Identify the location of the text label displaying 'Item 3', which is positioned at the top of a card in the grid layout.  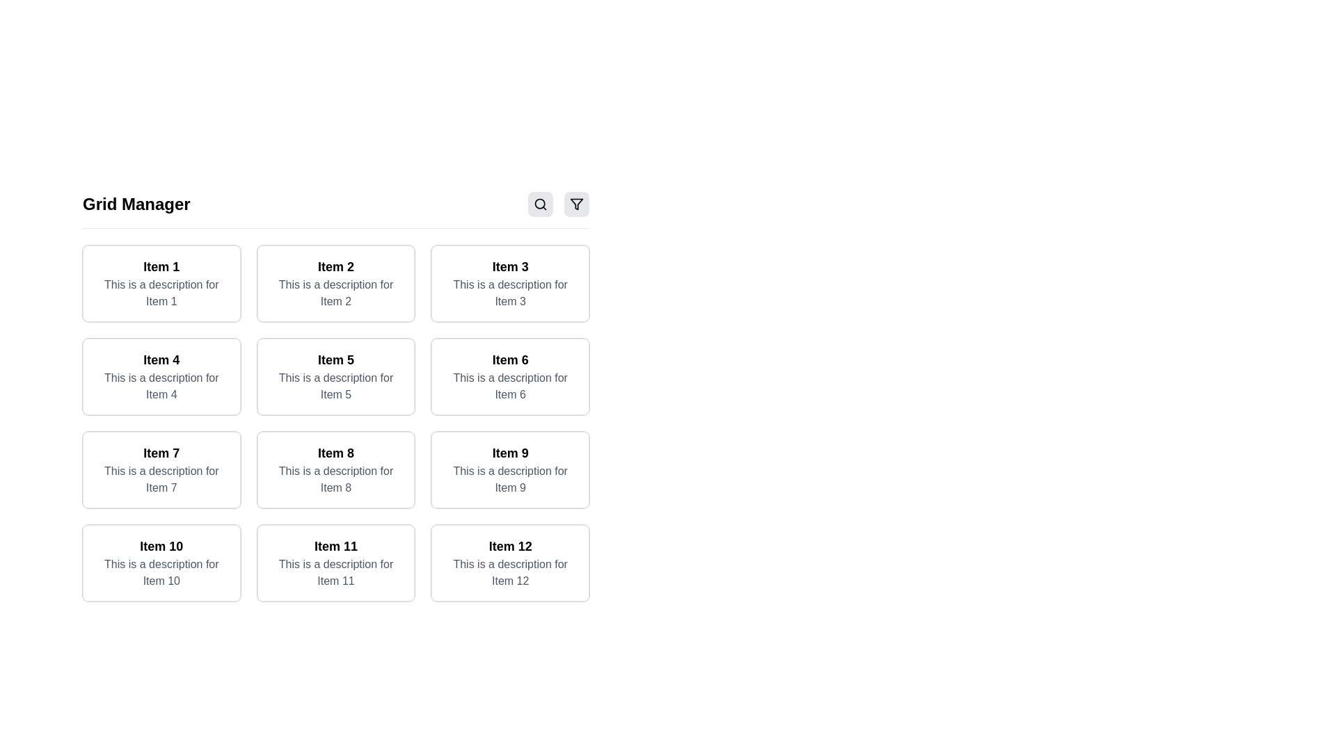
(509, 267).